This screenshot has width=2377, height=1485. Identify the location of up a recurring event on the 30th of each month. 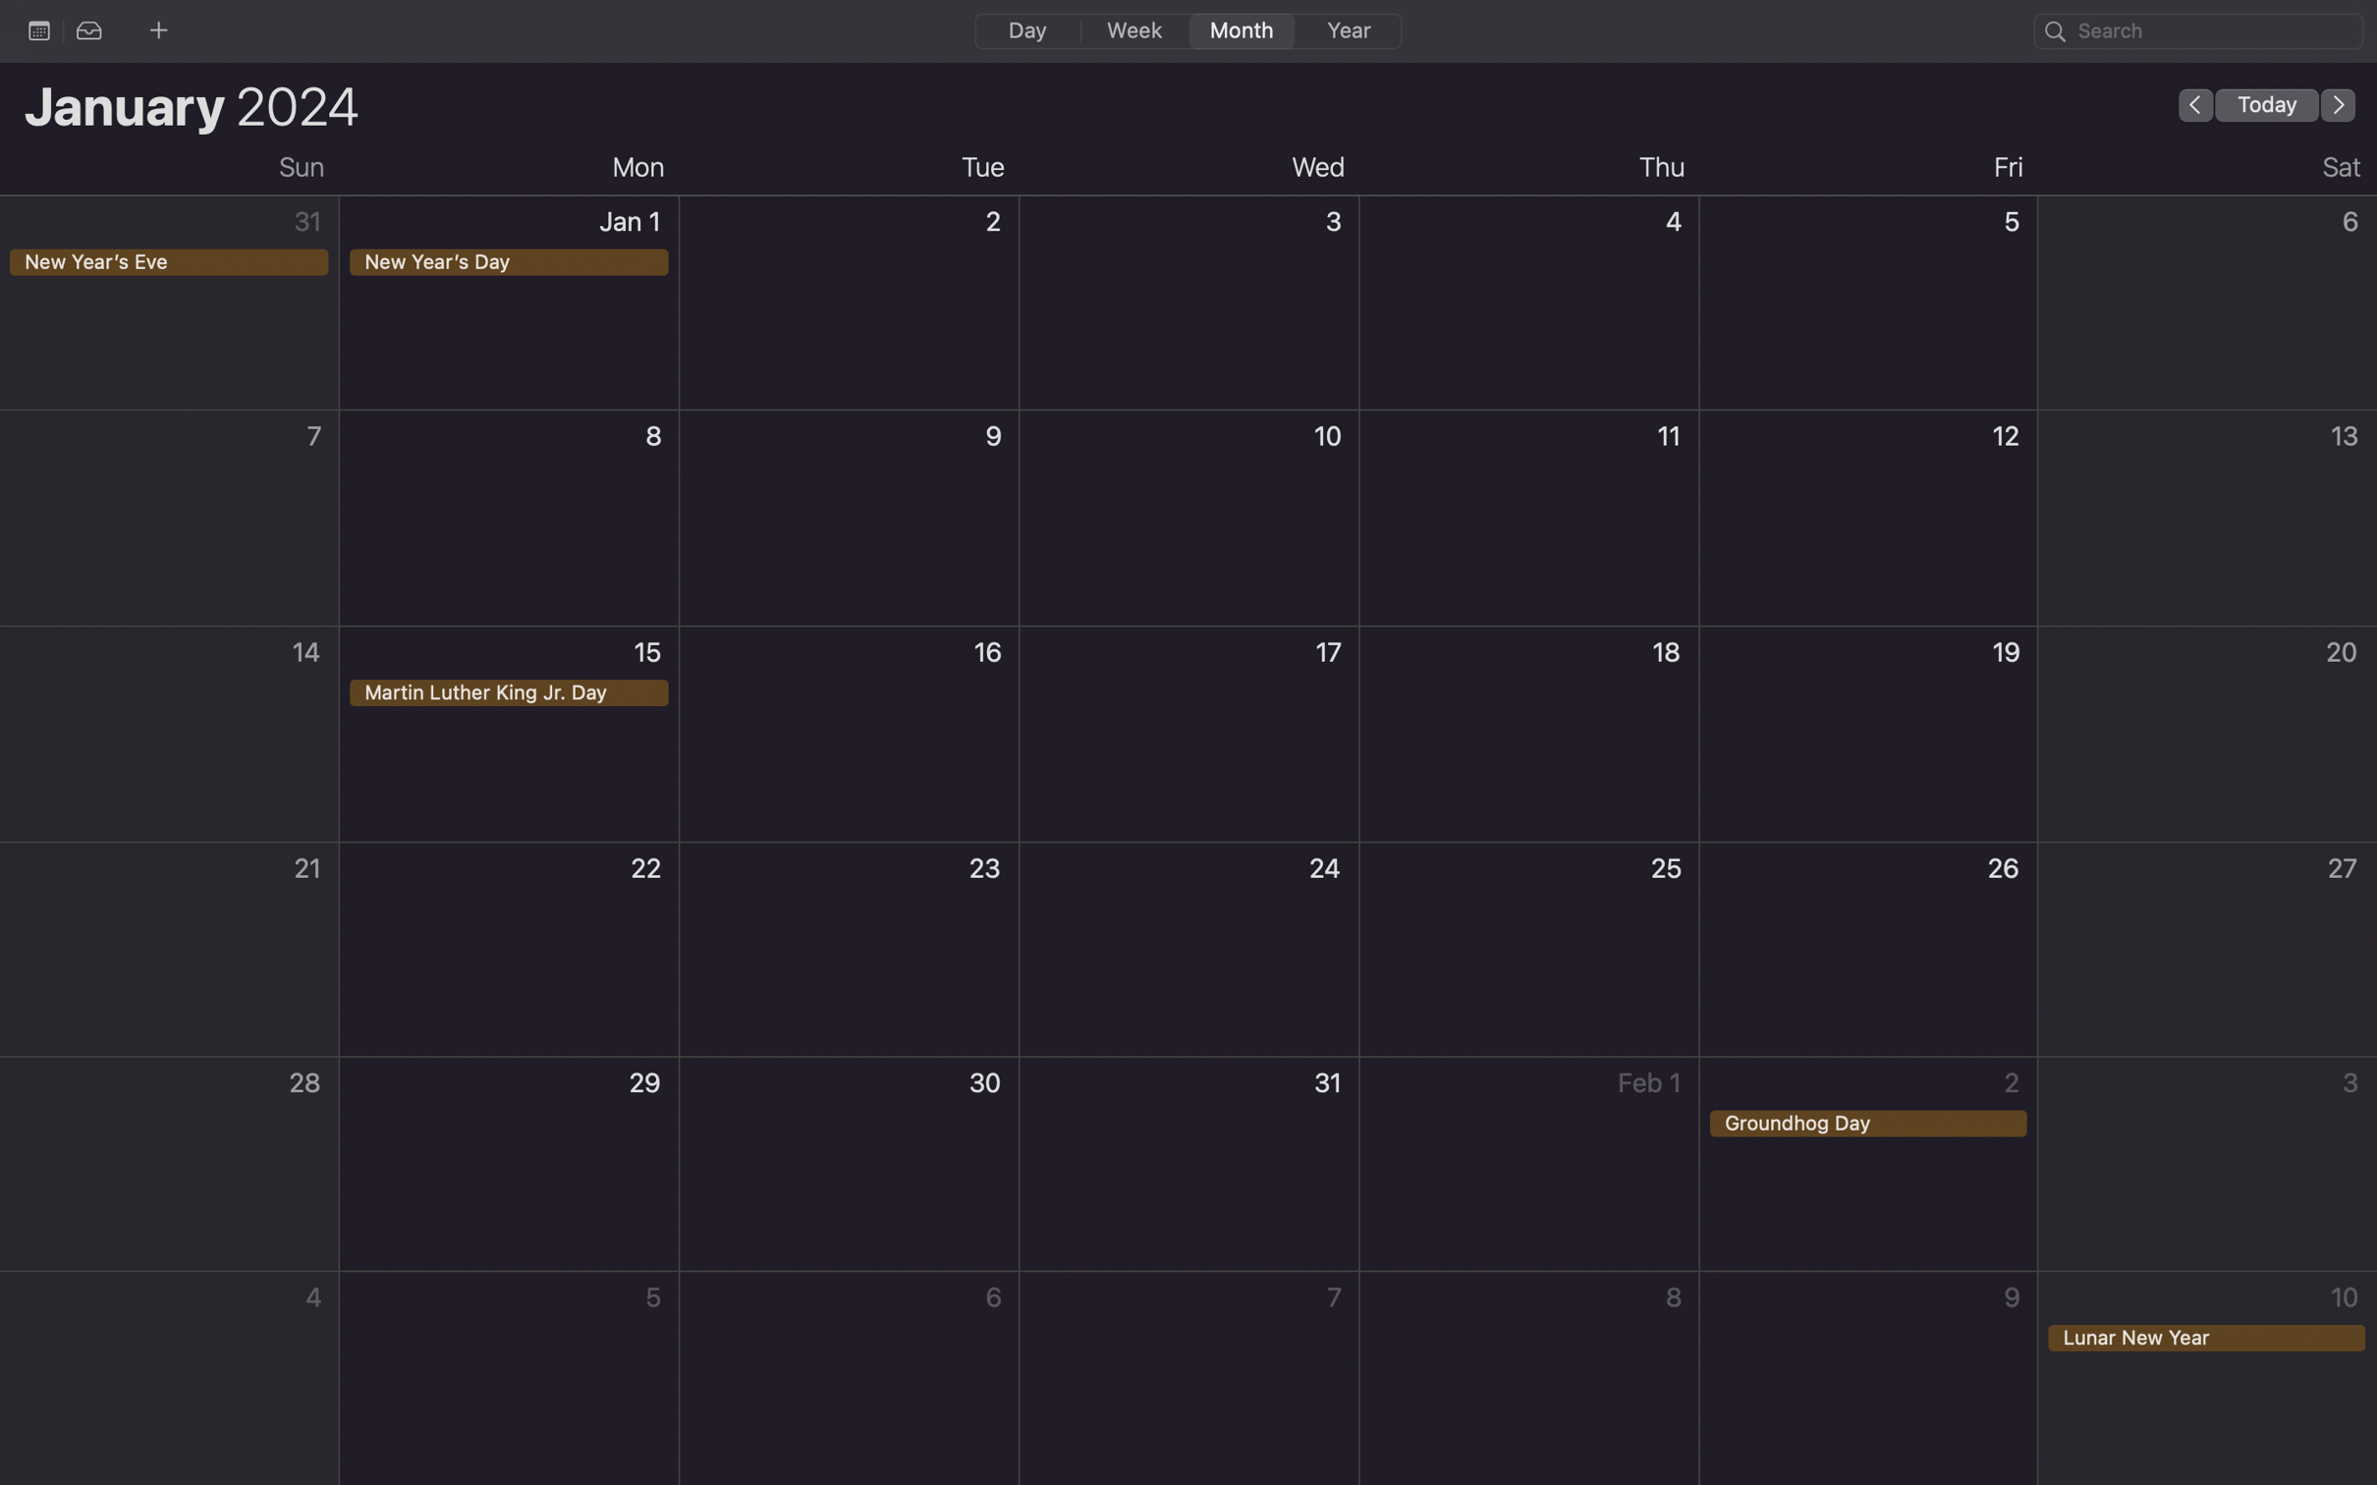
(850, 1166).